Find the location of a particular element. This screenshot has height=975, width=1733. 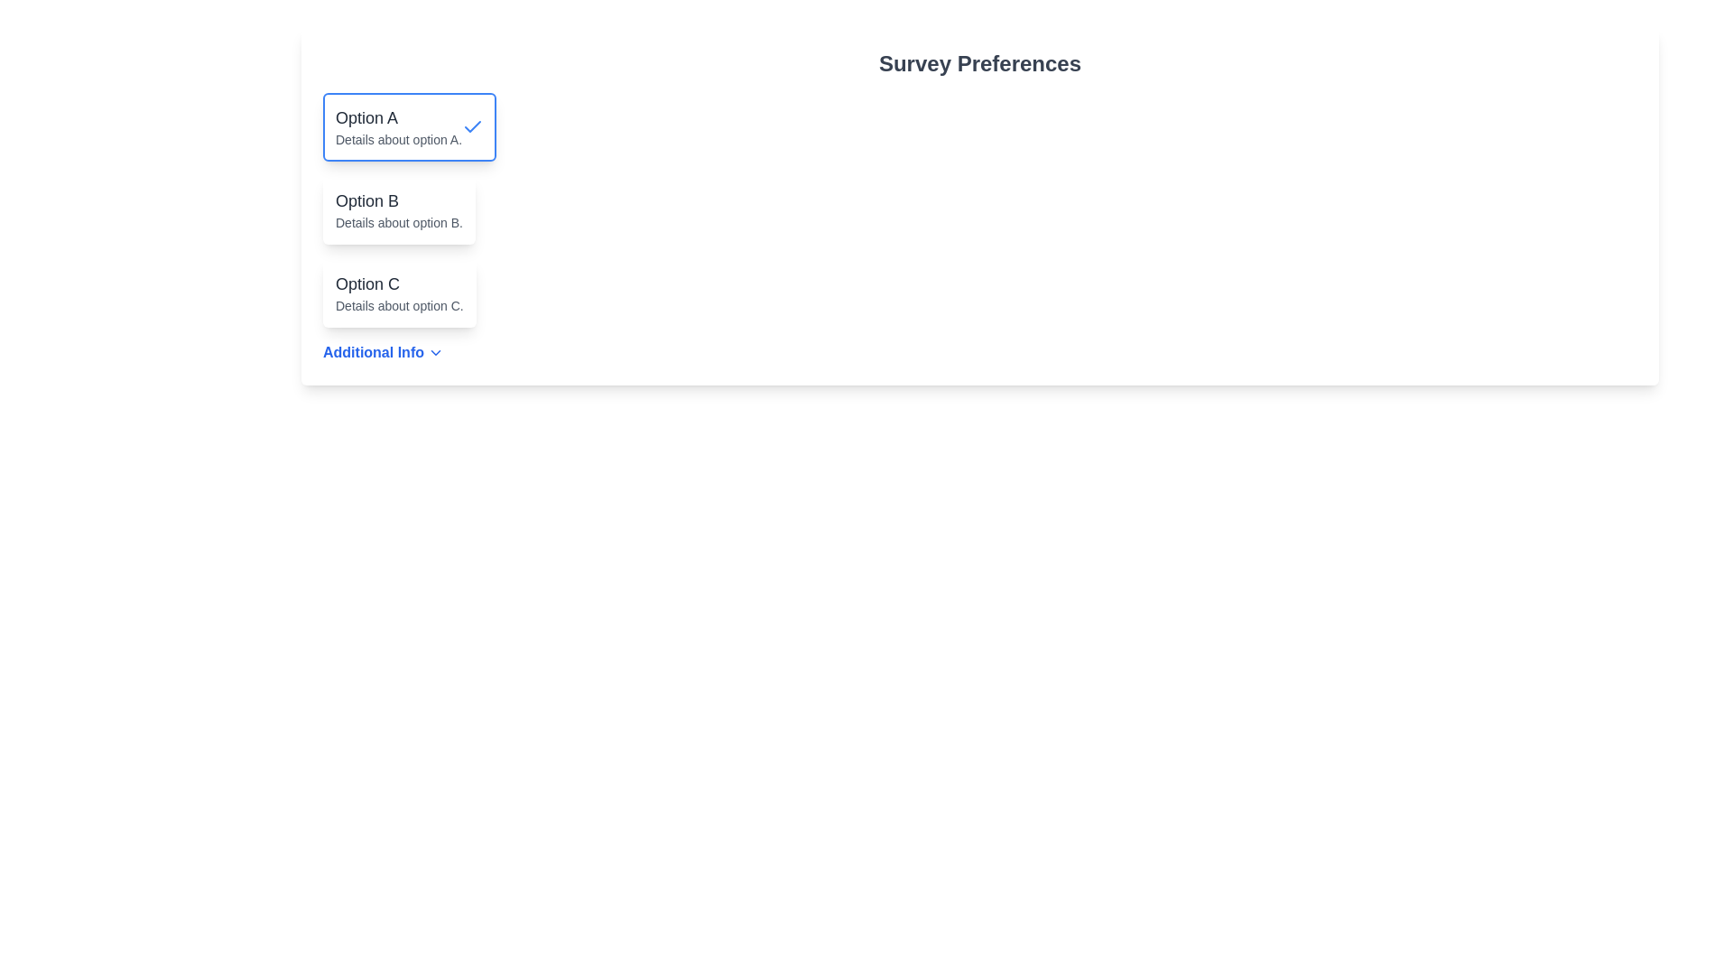

the chevron icon located to the right of the 'Additional Info' text is located at coordinates (436, 352).